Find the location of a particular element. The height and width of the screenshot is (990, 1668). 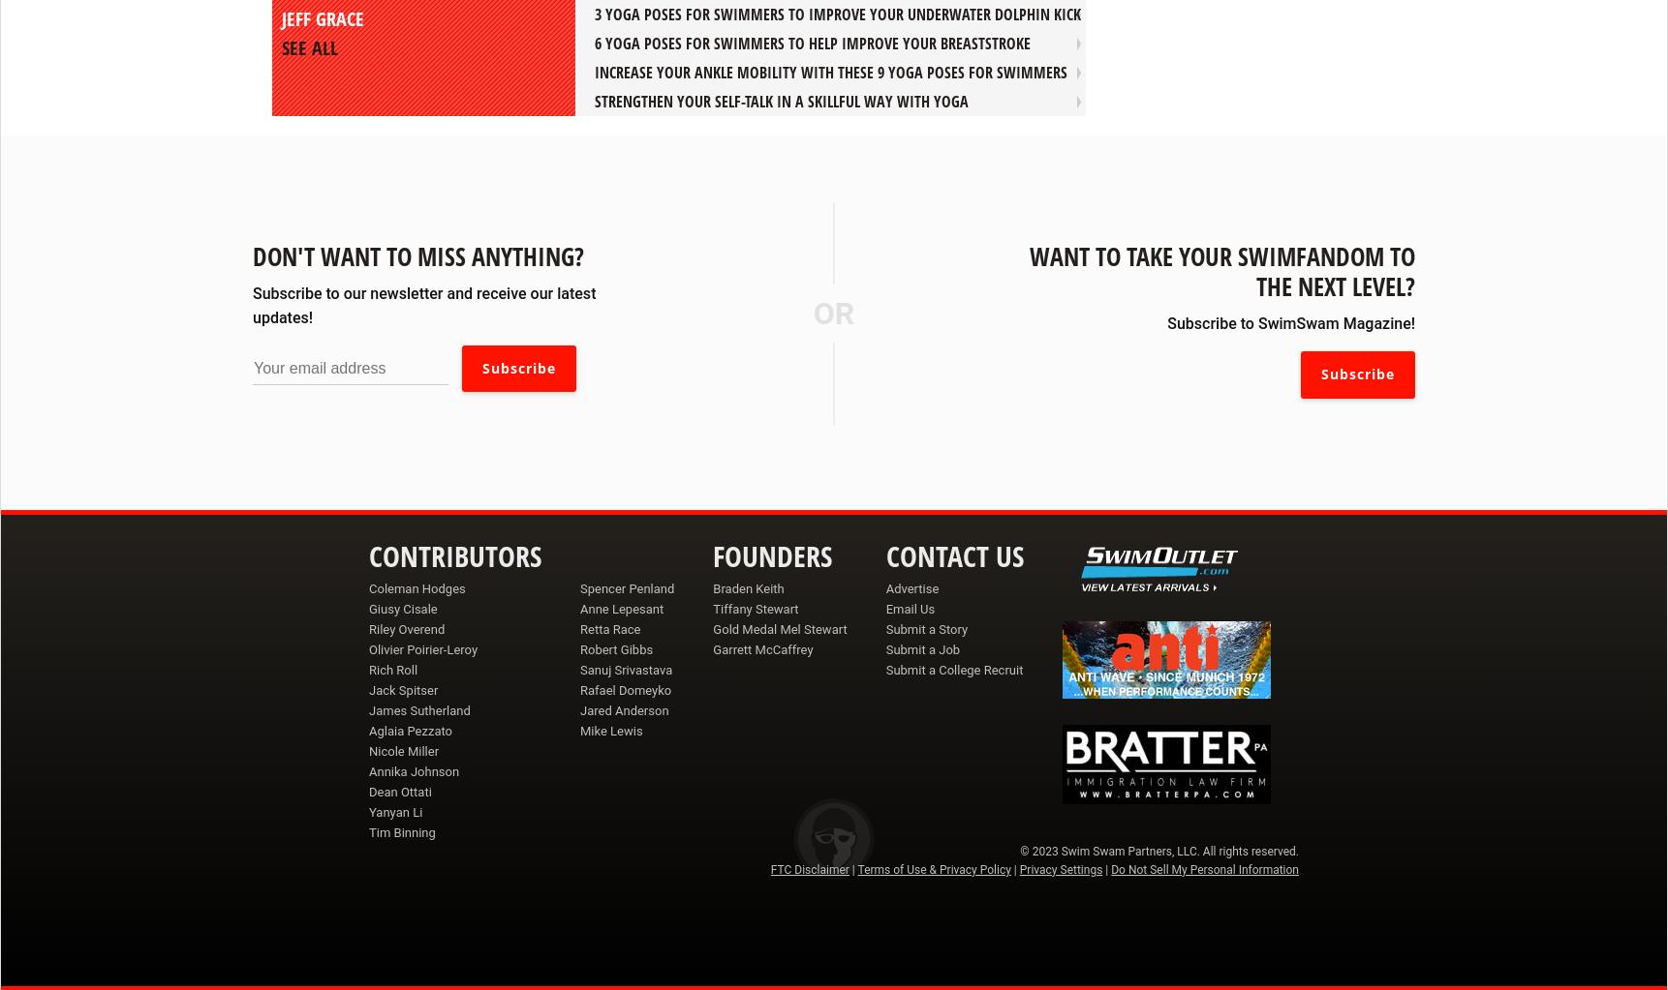

'Email Us' is located at coordinates (909, 607).